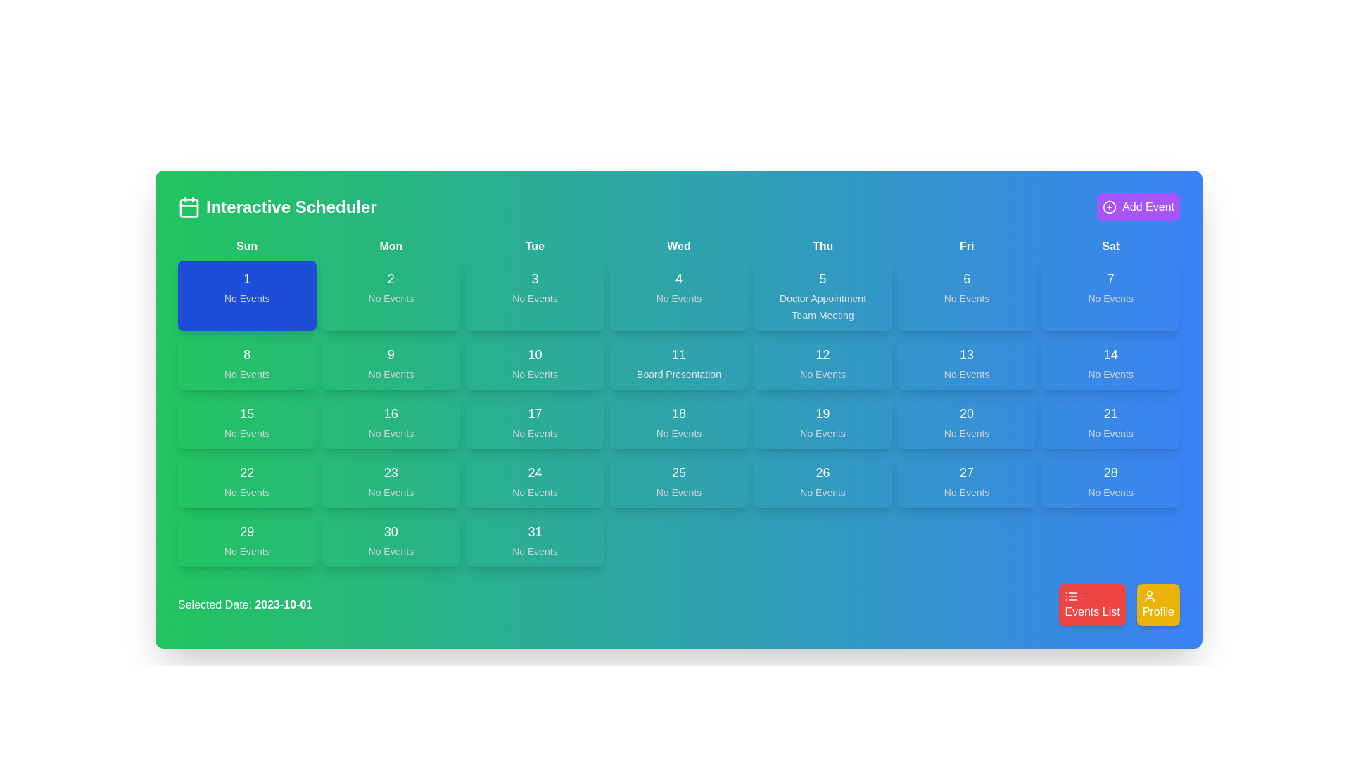 The width and height of the screenshot is (1351, 759). I want to click on the title text label of the interactive scheduling interface, which indicates the page's purpose and is located in the upper-left corner adjacent to a calendar icon, so click(291, 207).